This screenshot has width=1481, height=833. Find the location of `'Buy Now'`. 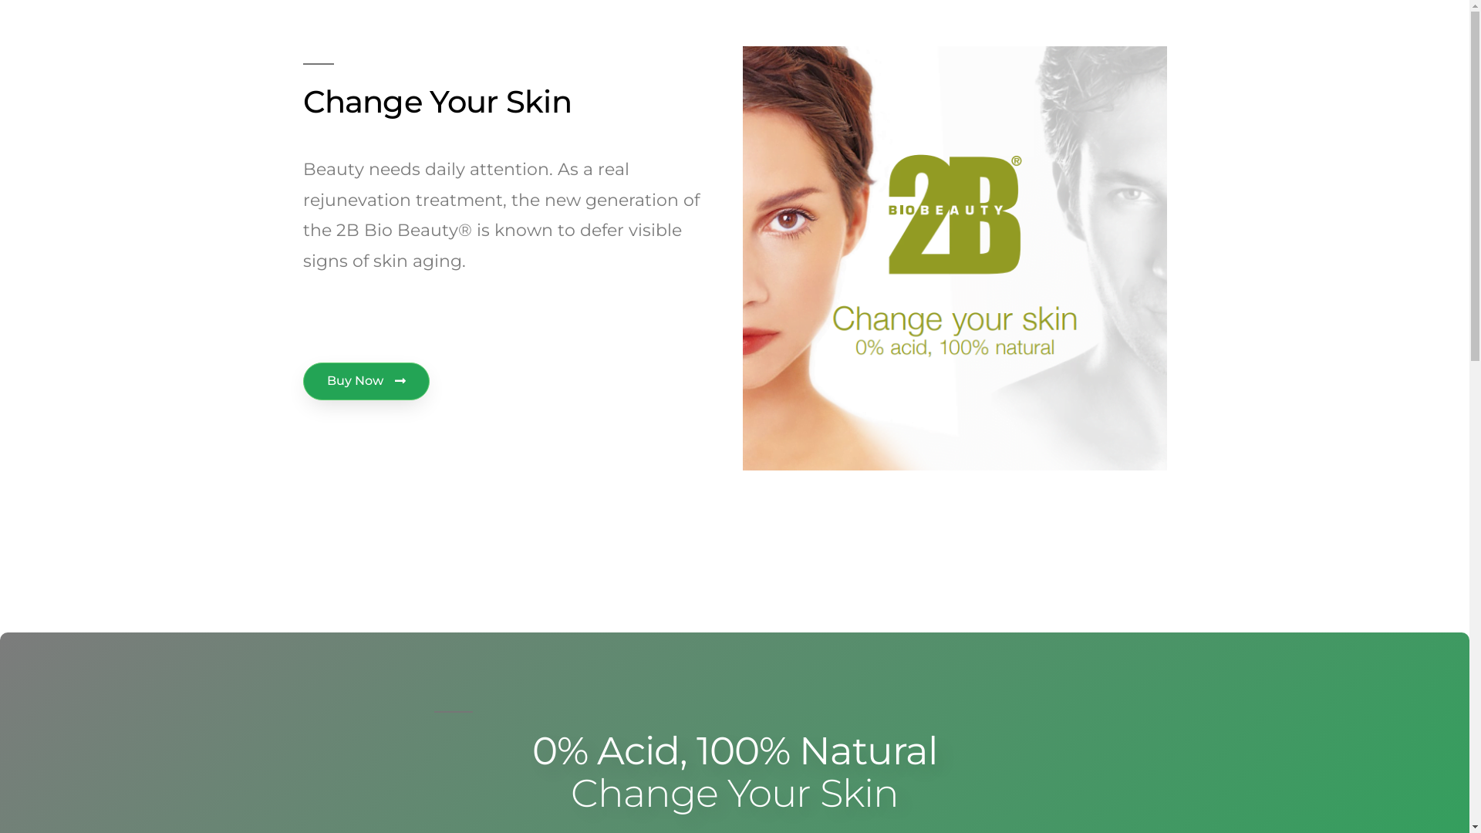

'Buy Now' is located at coordinates (365, 381).